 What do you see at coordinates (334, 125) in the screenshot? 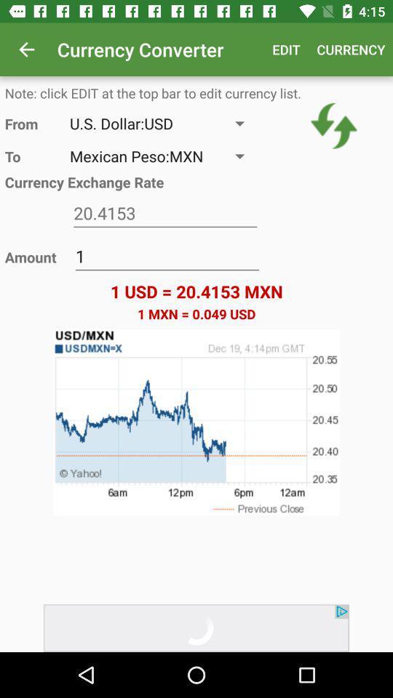
I see `the item above 1 usd 20` at bounding box center [334, 125].